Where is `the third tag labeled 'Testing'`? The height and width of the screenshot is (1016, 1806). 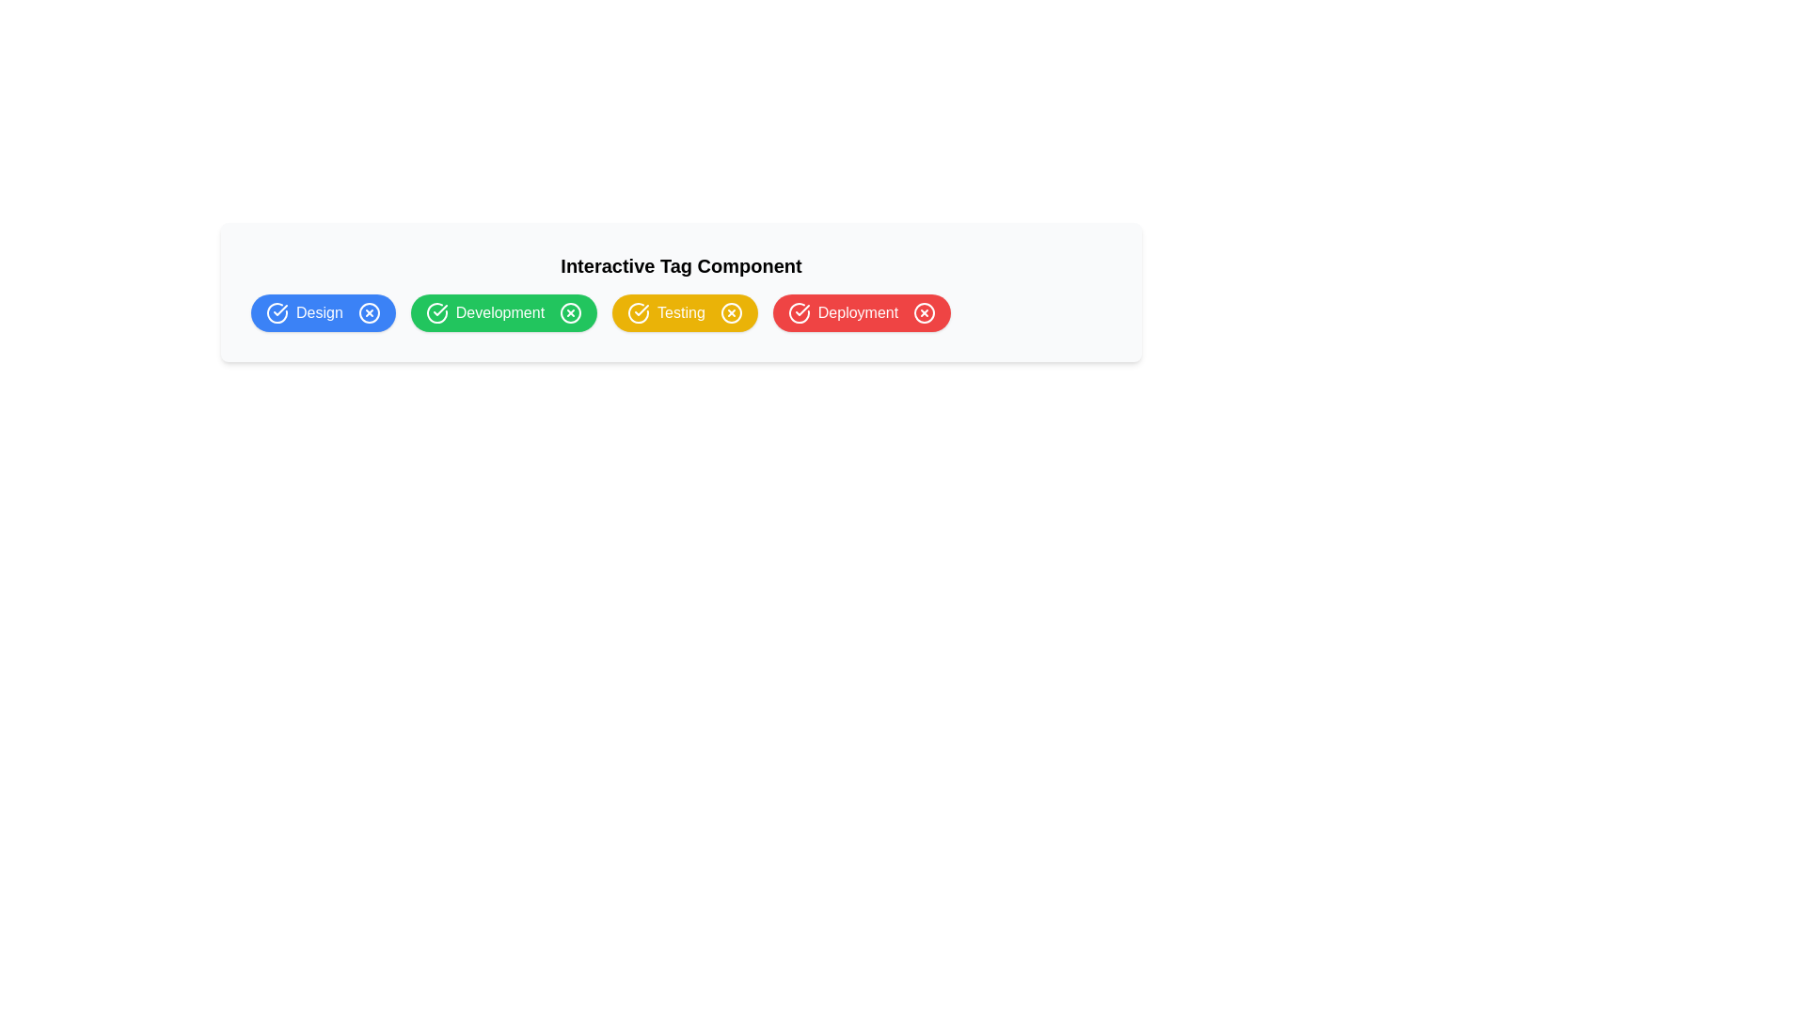 the third tag labeled 'Testing' is located at coordinates (680, 311).